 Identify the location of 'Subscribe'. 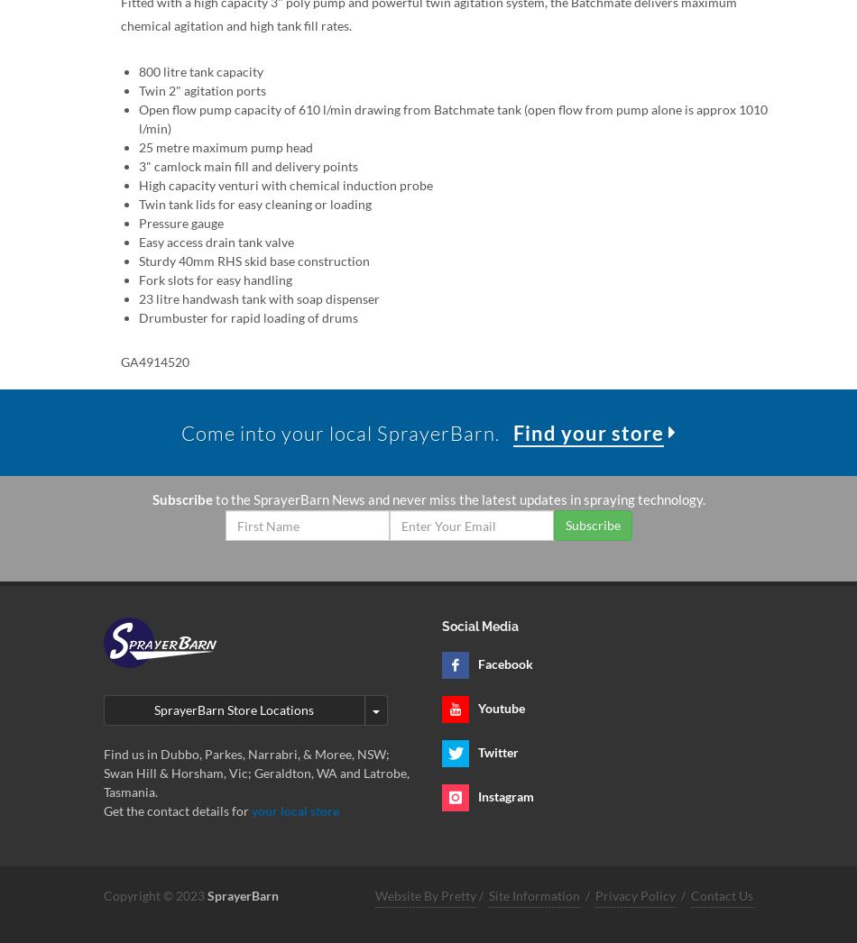
(181, 498).